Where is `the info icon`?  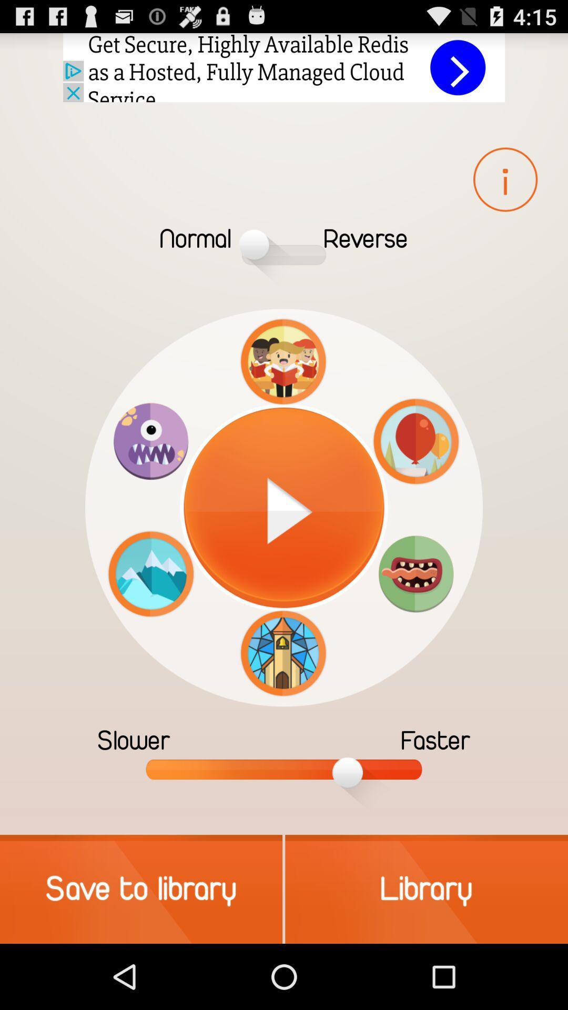
the info icon is located at coordinates (505, 192).